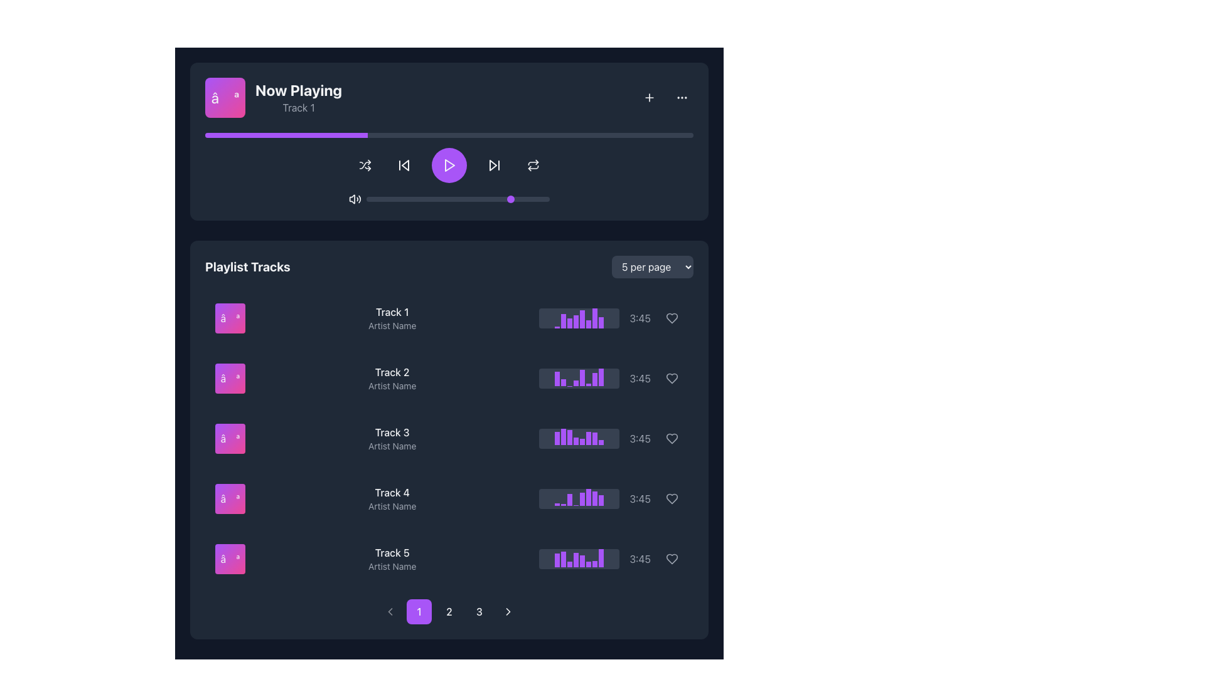 Image resolution: width=1205 pixels, height=677 pixels. Describe the element at coordinates (449, 378) in the screenshot. I see `to select the Playlist item displaying 'Track 2' by 'Artist Name', which is the second entry in the 'Playlist Tracks' section` at that location.